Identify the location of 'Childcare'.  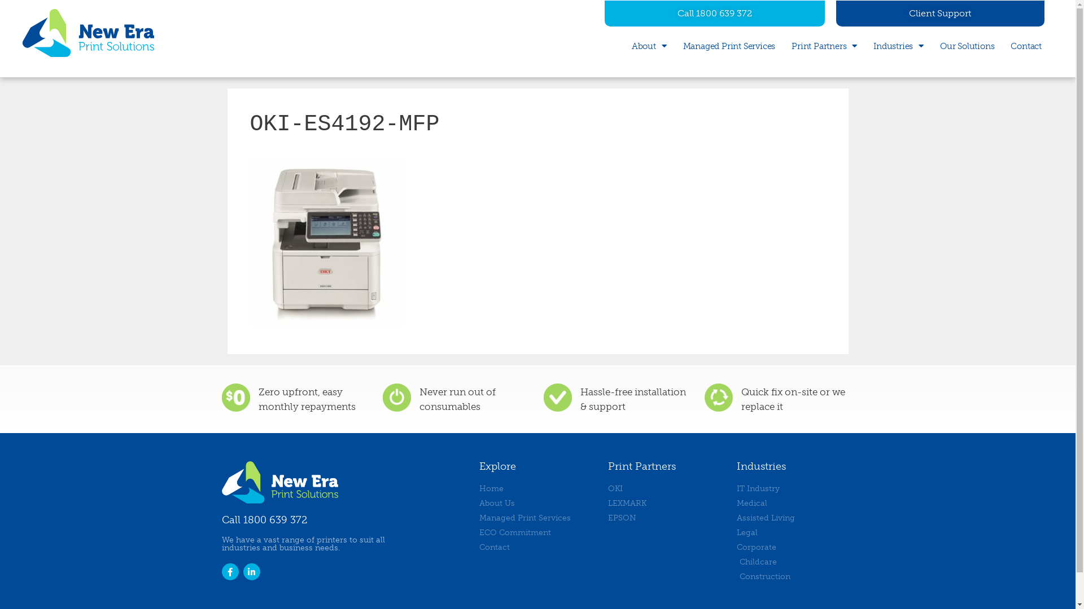
(794, 562).